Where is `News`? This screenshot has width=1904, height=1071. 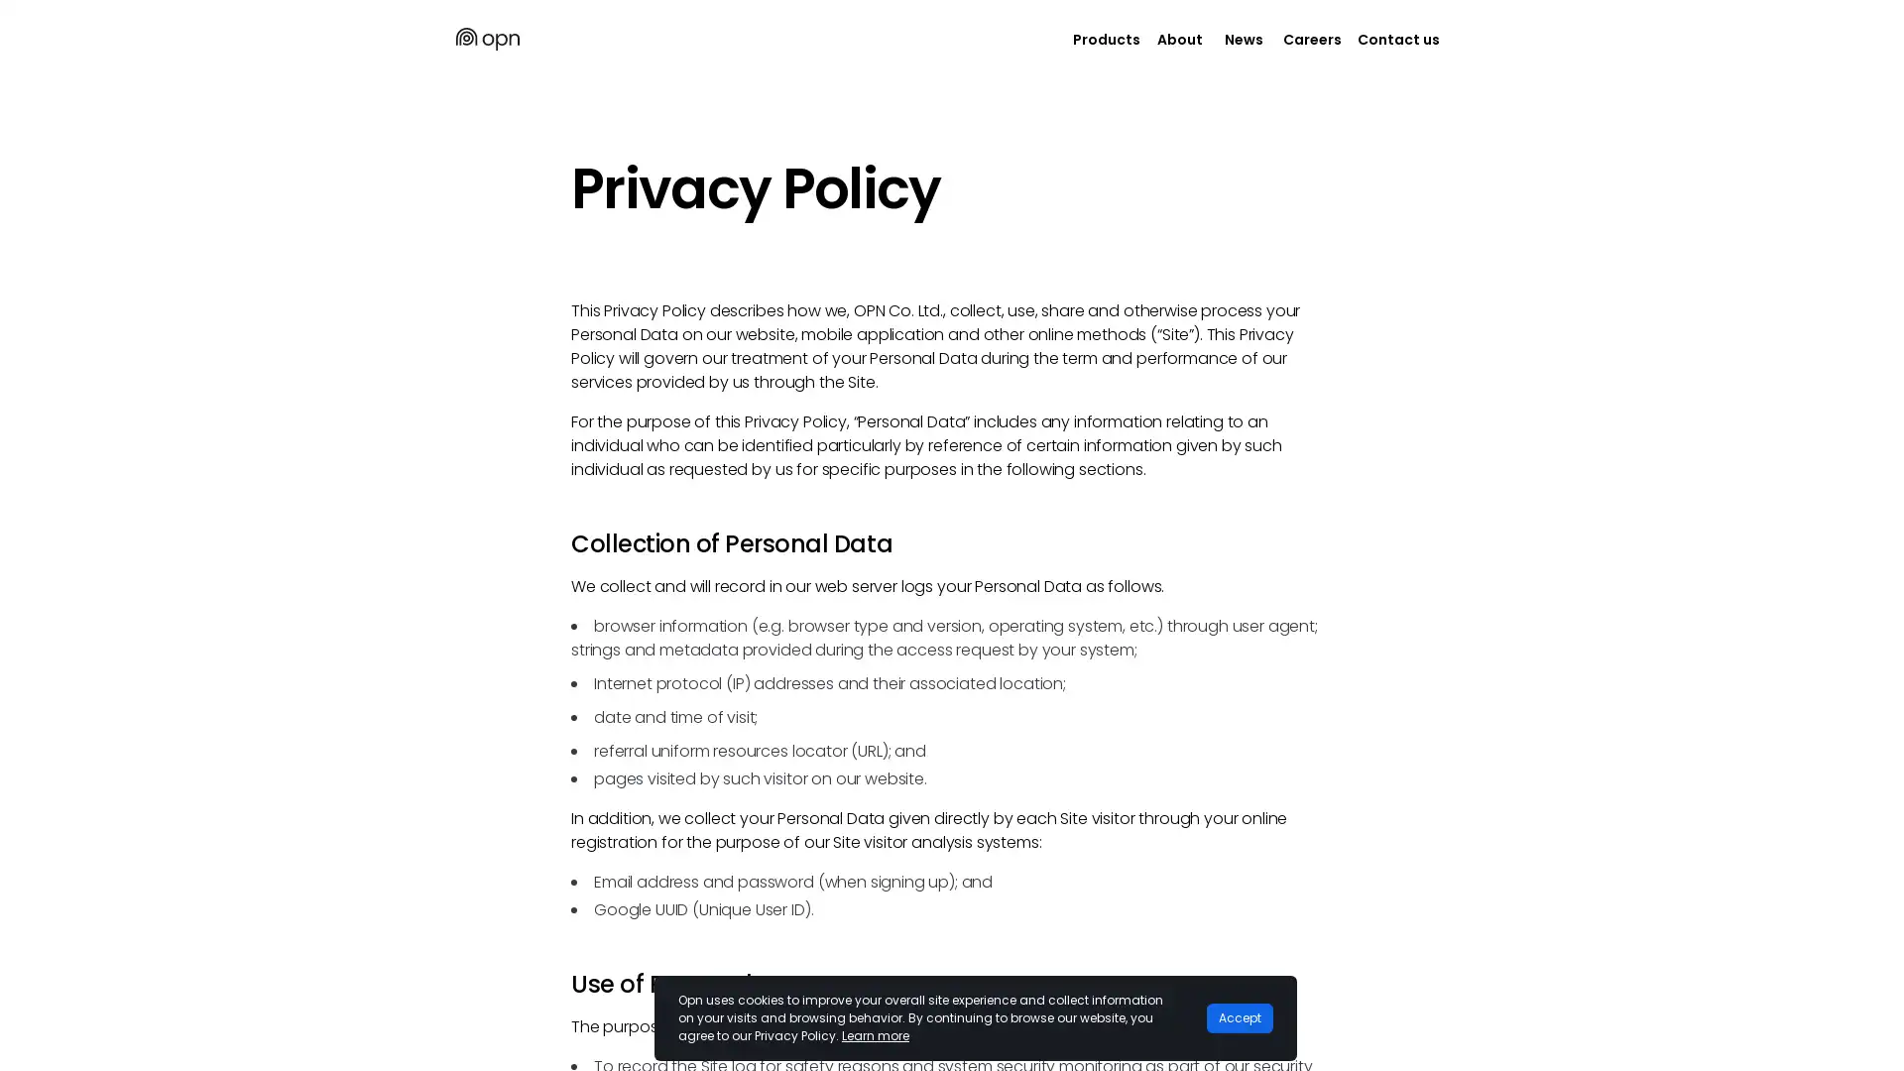 News is located at coordinates (1242, 39).